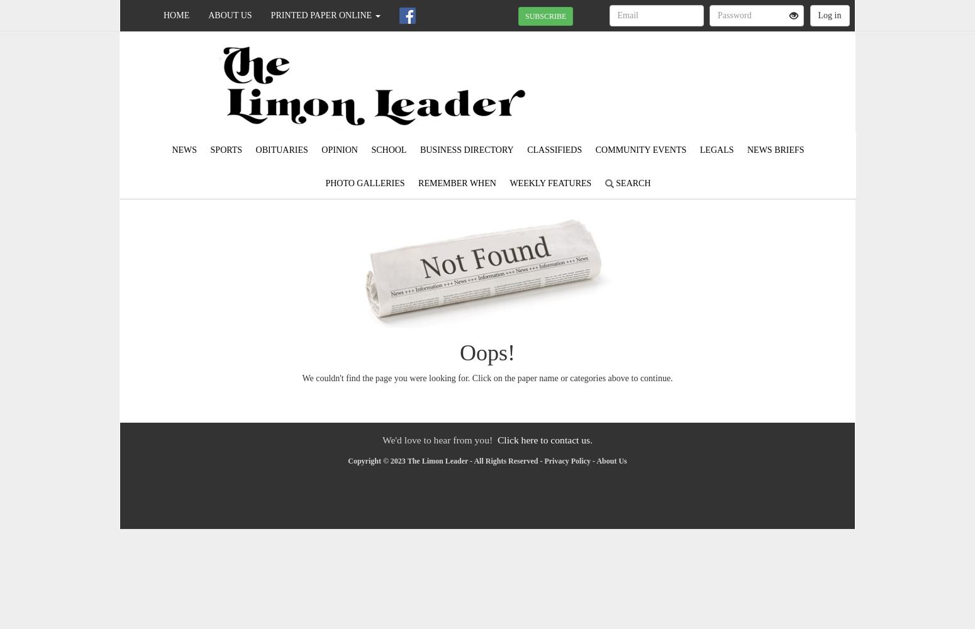 The image size is (975, 629). What do you see at coordinates (487, 377) in the screenshot?
I see `'We couldn't find the page you were looking for. Click on the paper name or categories above to continue.'` at bounding box center [487, 377].